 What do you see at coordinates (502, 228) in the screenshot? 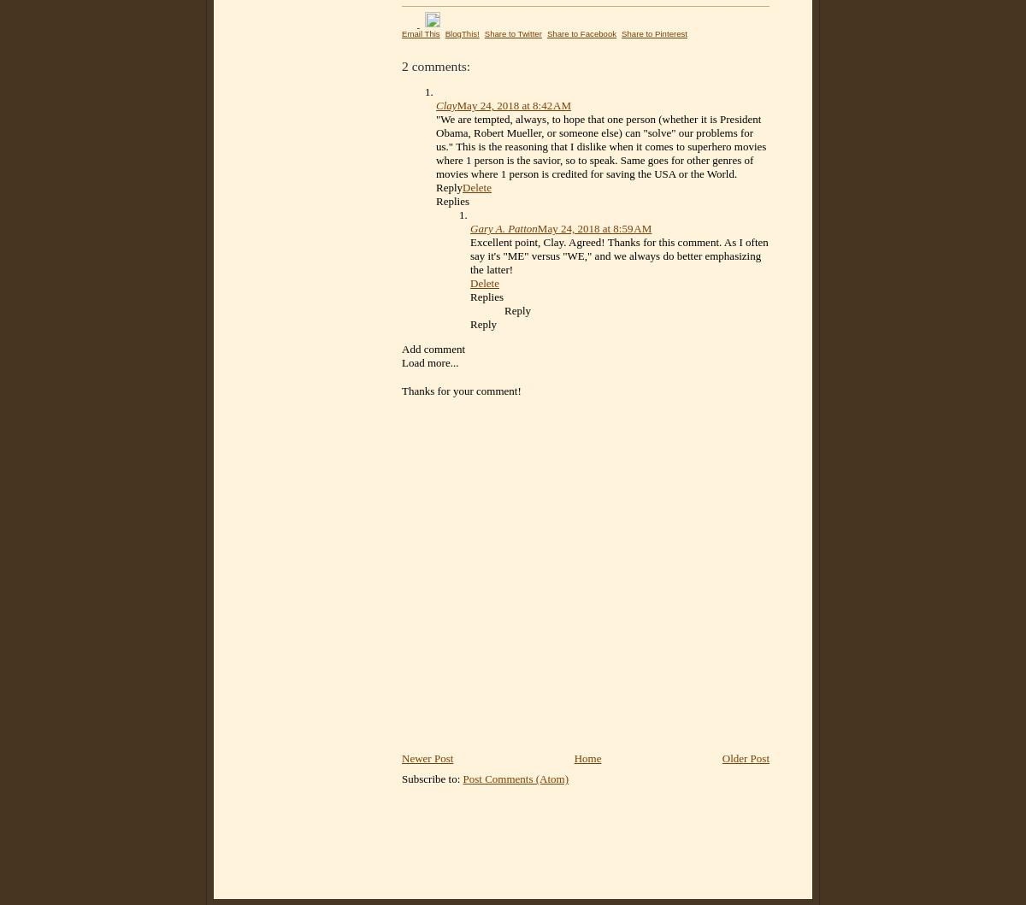
I see `'Gary A. Patton'` at bounding box center [502, 228].